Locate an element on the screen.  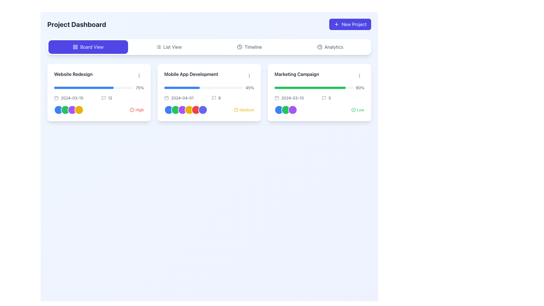
the 'Create New Project' button located in the top-right corner of the 'Project Dashboard' header to initiate the process of starting a new project is located at coordinates (350, 24).